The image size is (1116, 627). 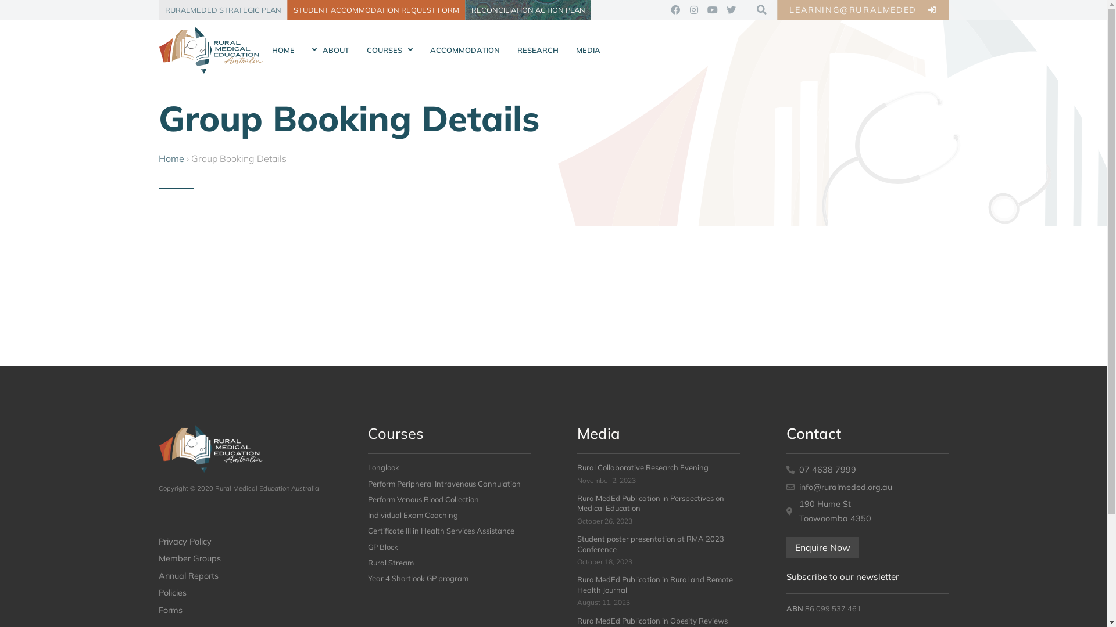 What do you see at coordinates (389, 50) in the screenshot?
I see `'COURSES'` at bounding box center [389, 50].